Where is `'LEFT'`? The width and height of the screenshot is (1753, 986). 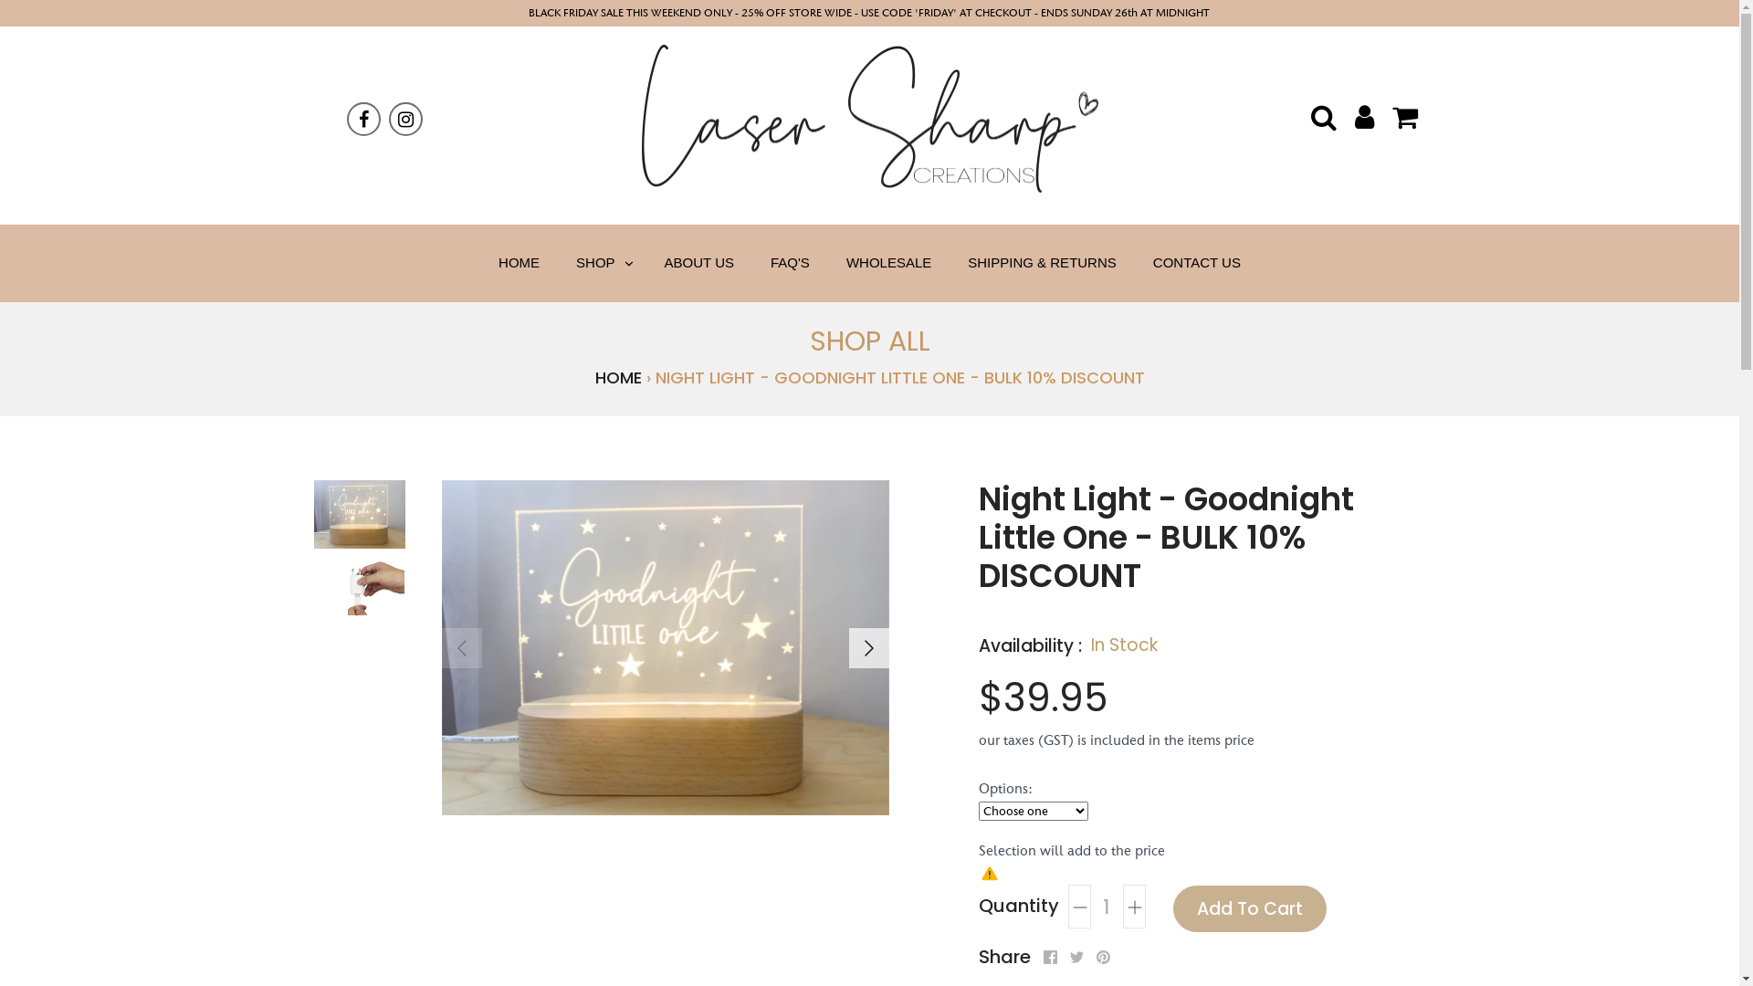
'LEFT' is located at coordinates (461, 646).